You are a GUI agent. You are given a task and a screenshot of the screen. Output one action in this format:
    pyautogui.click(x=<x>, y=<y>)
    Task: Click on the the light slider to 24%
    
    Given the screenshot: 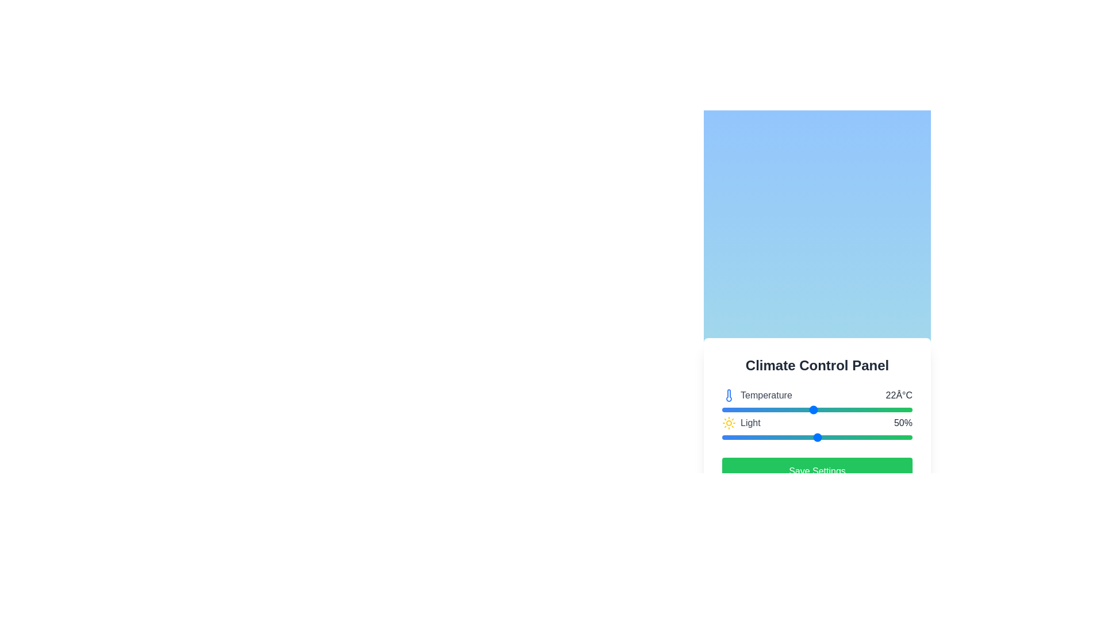 What is the action you would take?
    pyautogui.click(x=768, y=437)
    